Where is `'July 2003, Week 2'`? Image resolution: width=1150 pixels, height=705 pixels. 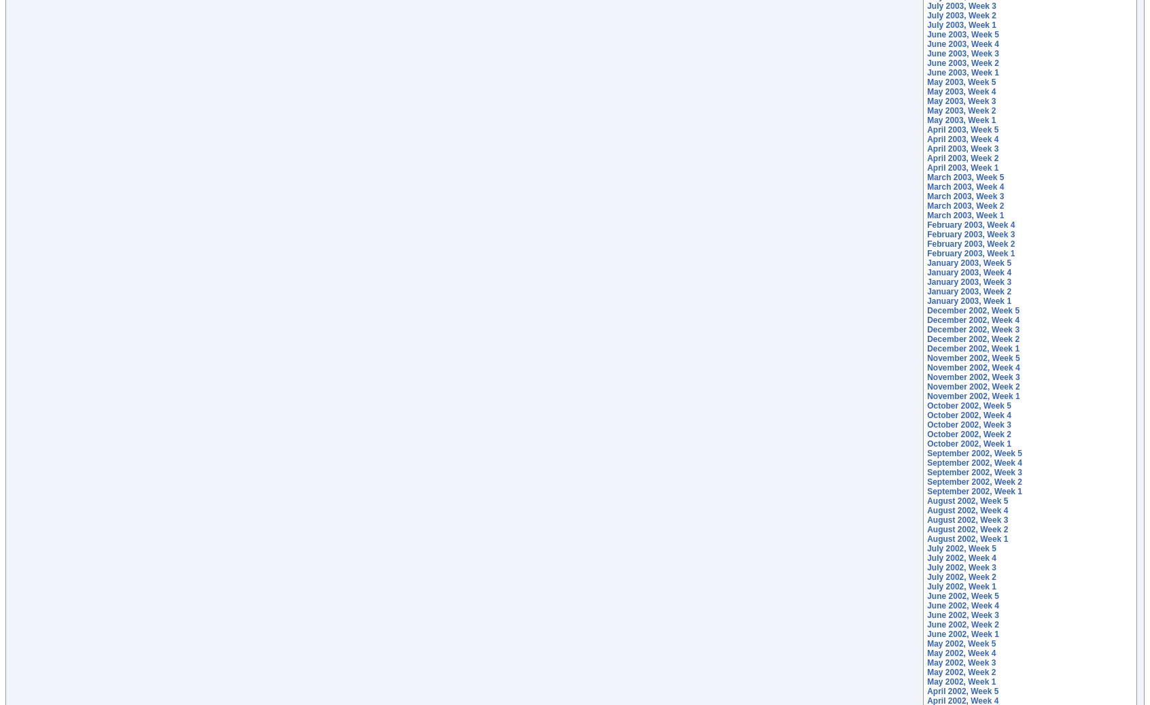
'July 2003, Week 2' is located at coordinates (926, 15).